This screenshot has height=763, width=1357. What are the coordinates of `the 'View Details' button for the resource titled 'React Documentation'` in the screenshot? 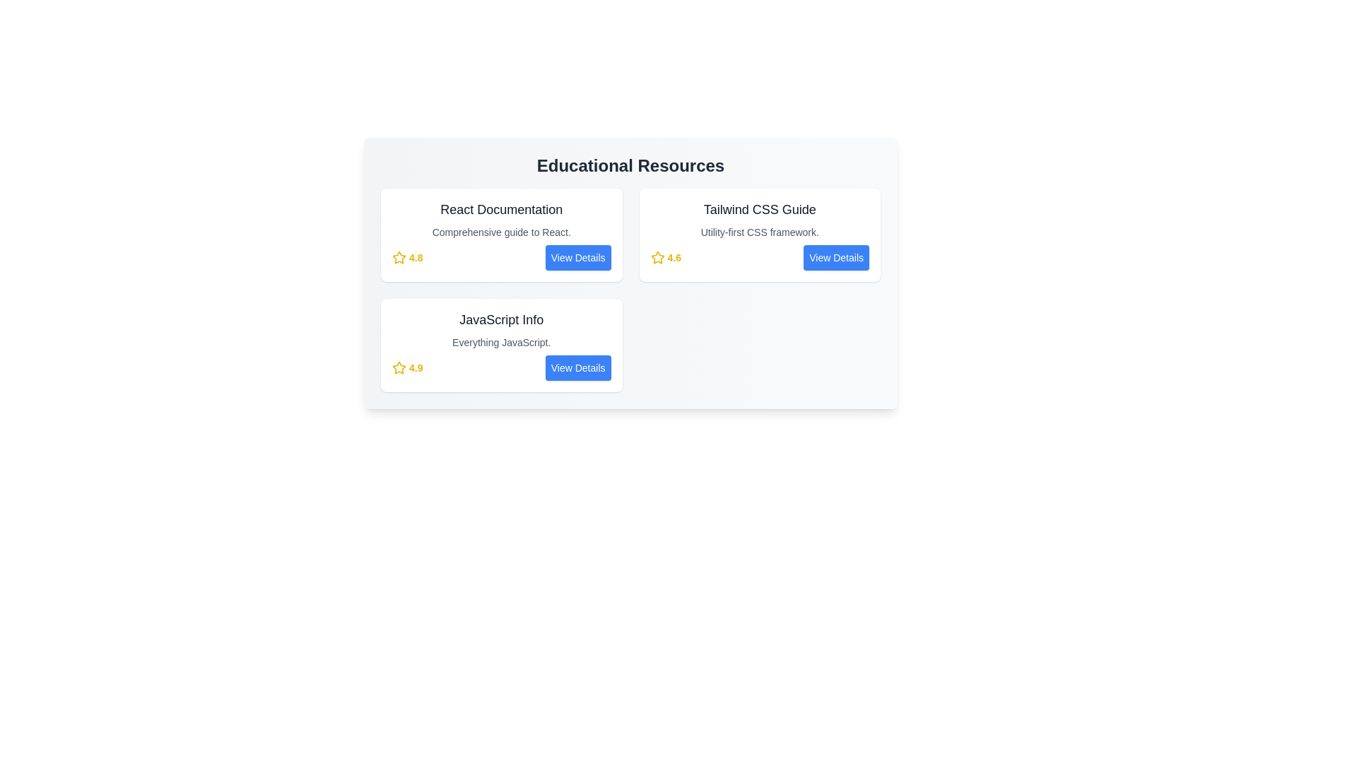 It's located at (577, 258).